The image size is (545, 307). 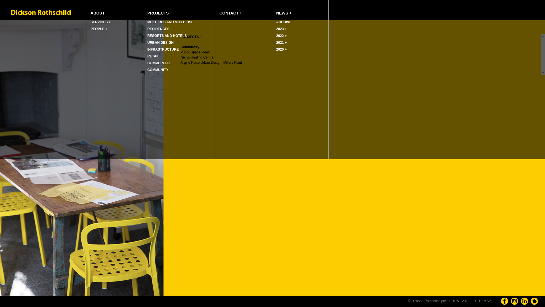 What do you see at coordinates (300, 9) in the screenshot?
I see `'NEWS +'` at bounding box center [300, 9].